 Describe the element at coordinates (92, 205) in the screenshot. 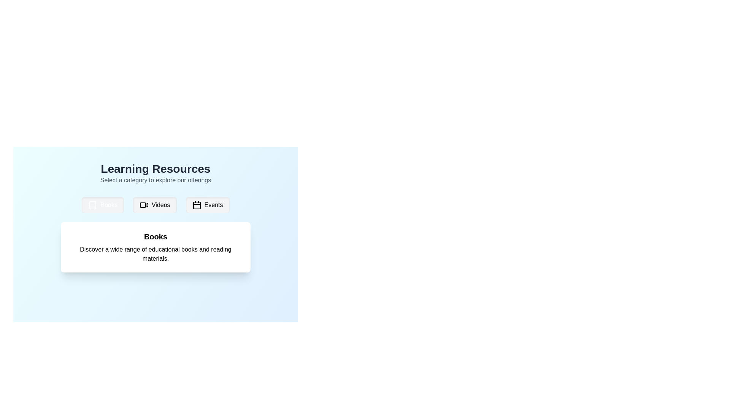

I see `the book icon` at that location.